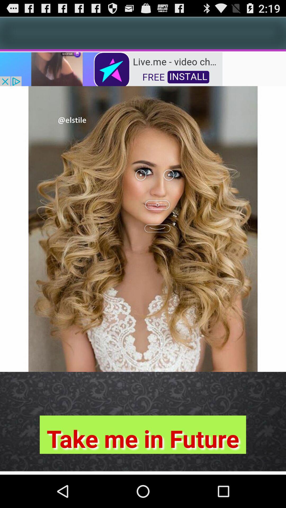  Describe the element at coordinates (111, 68) in the screenshot. I see `advertisement` at that location.